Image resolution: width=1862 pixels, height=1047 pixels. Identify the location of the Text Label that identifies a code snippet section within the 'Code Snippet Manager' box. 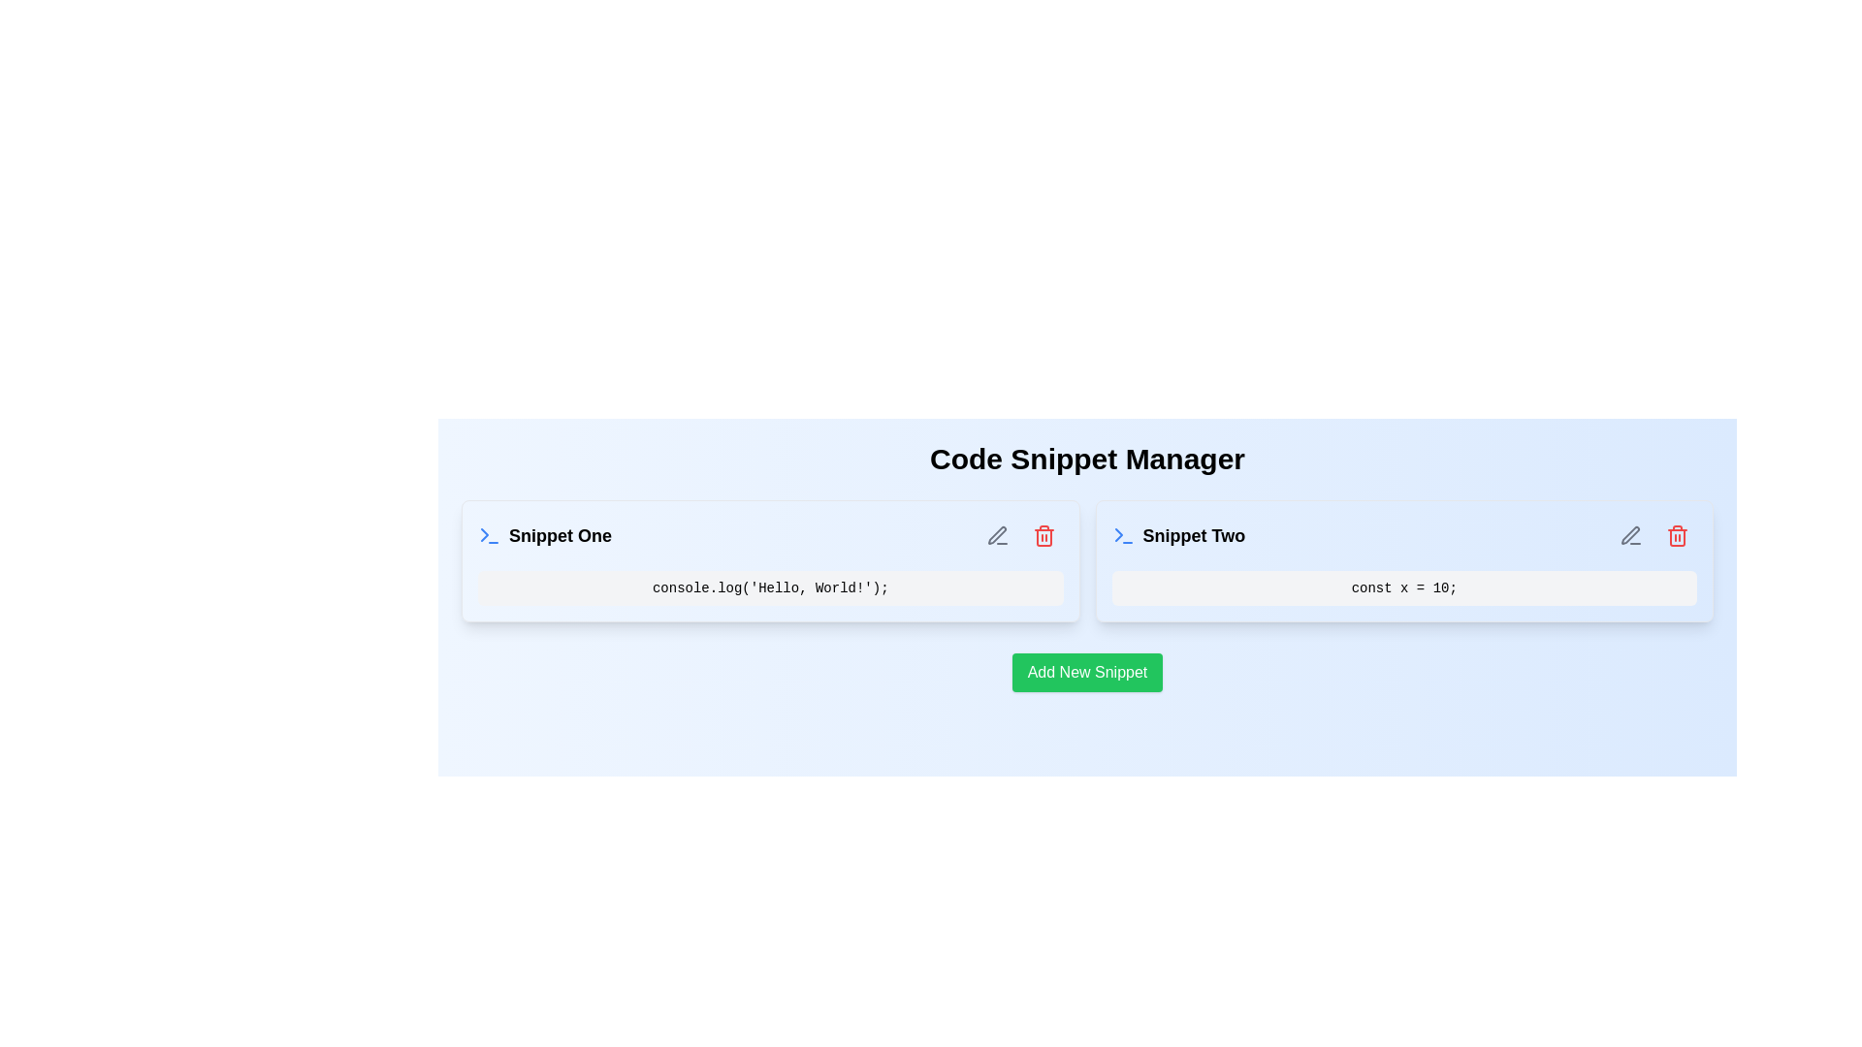
(543, 535).